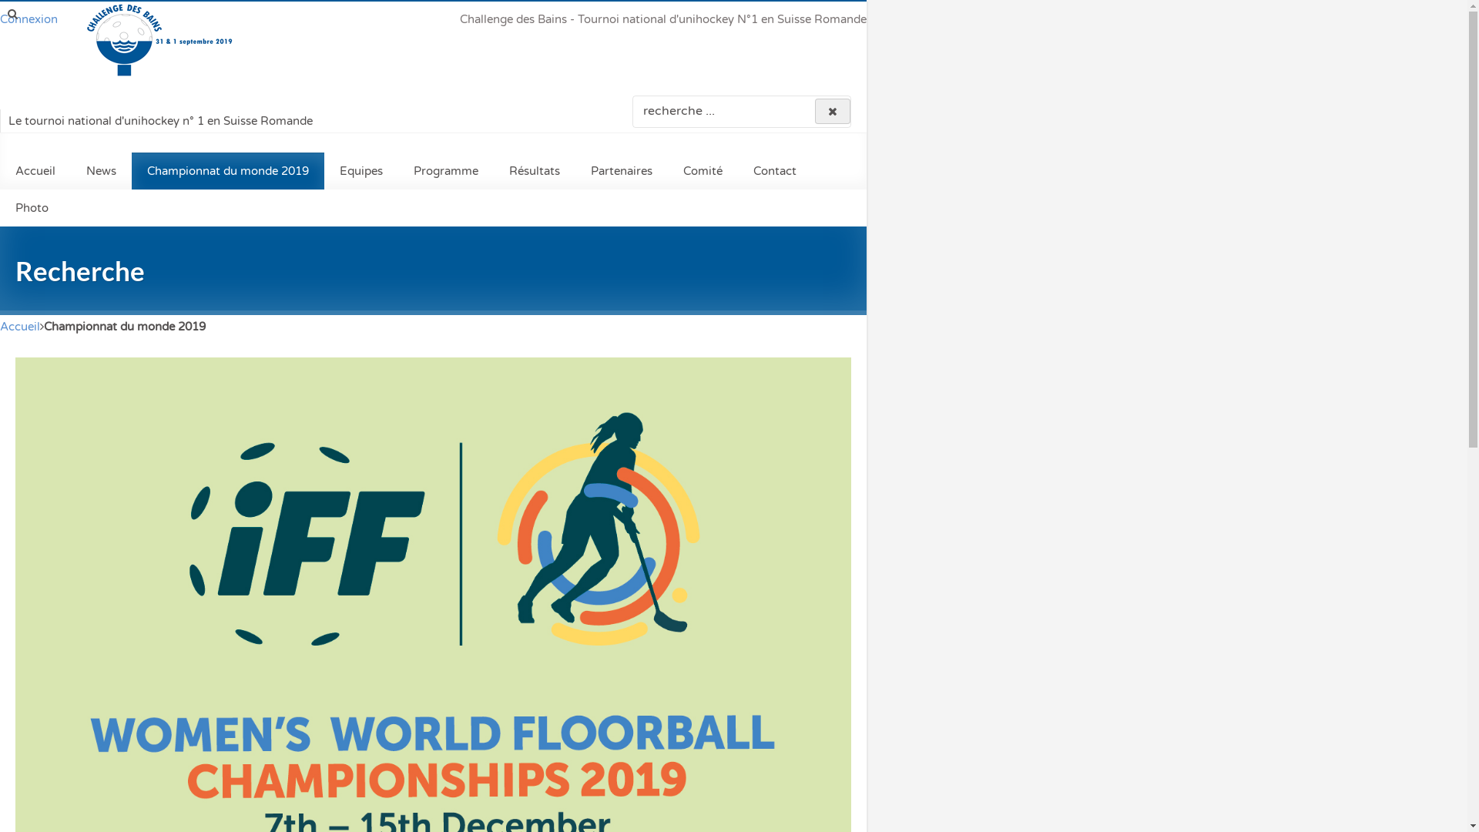 Image resolution: width=1479 pixels, height=832 pixels. What do you see at coordinates (100, 171) in the screenshot?
I see `'News'` at bounding box center [100, 171].